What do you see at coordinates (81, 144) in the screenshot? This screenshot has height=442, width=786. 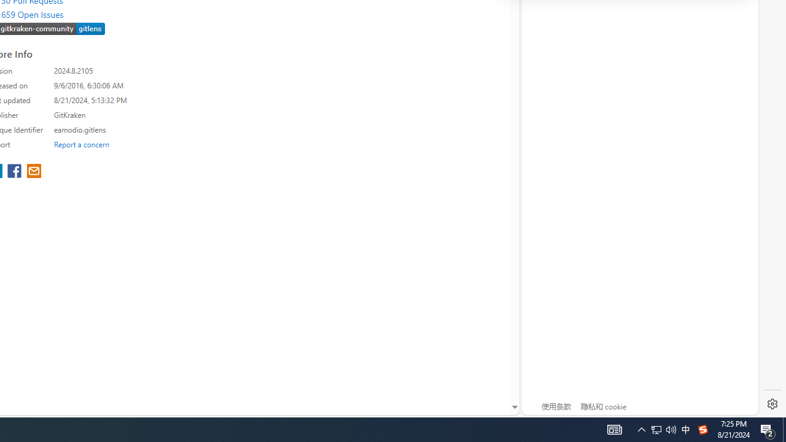 I see `'Report a concern'` at bounding box center [81, 144].